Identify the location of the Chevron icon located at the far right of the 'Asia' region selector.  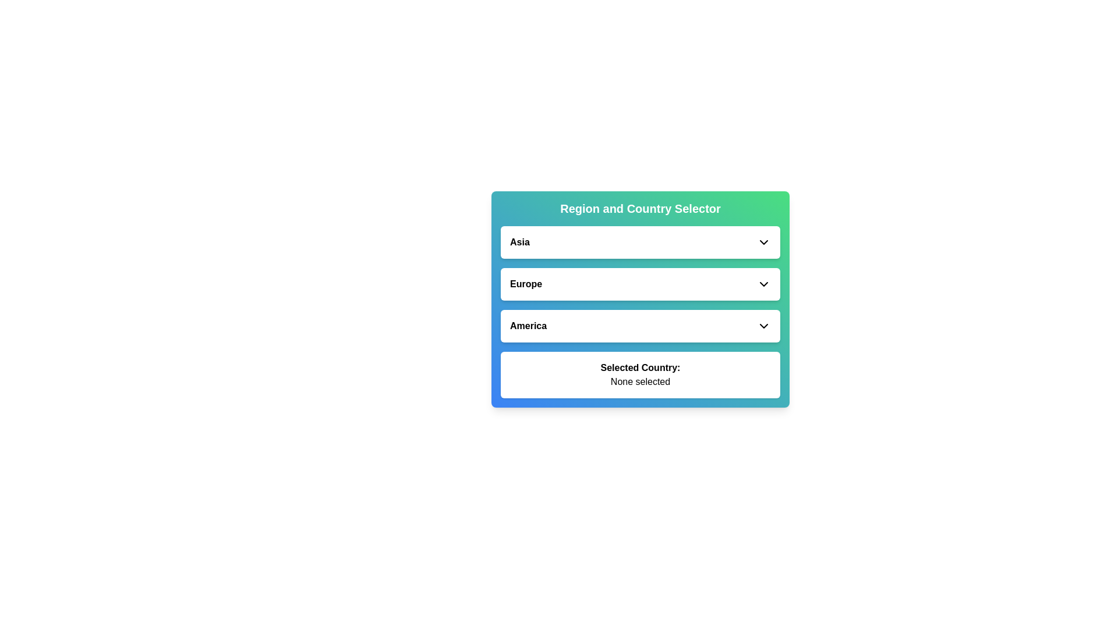
(763, 241).